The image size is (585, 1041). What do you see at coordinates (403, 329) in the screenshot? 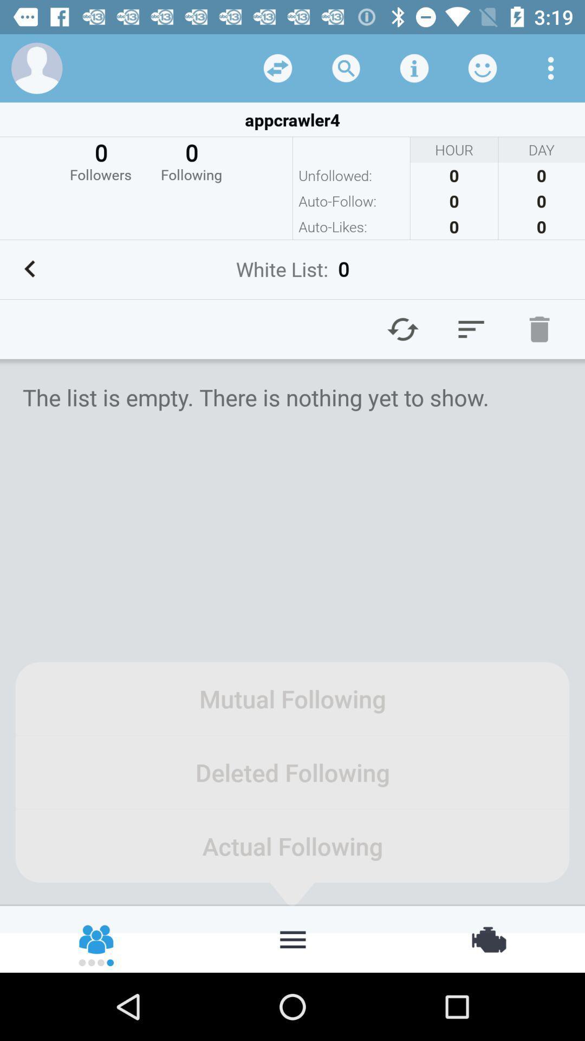
I see `refresh icon` at bounding box center [403, 329].